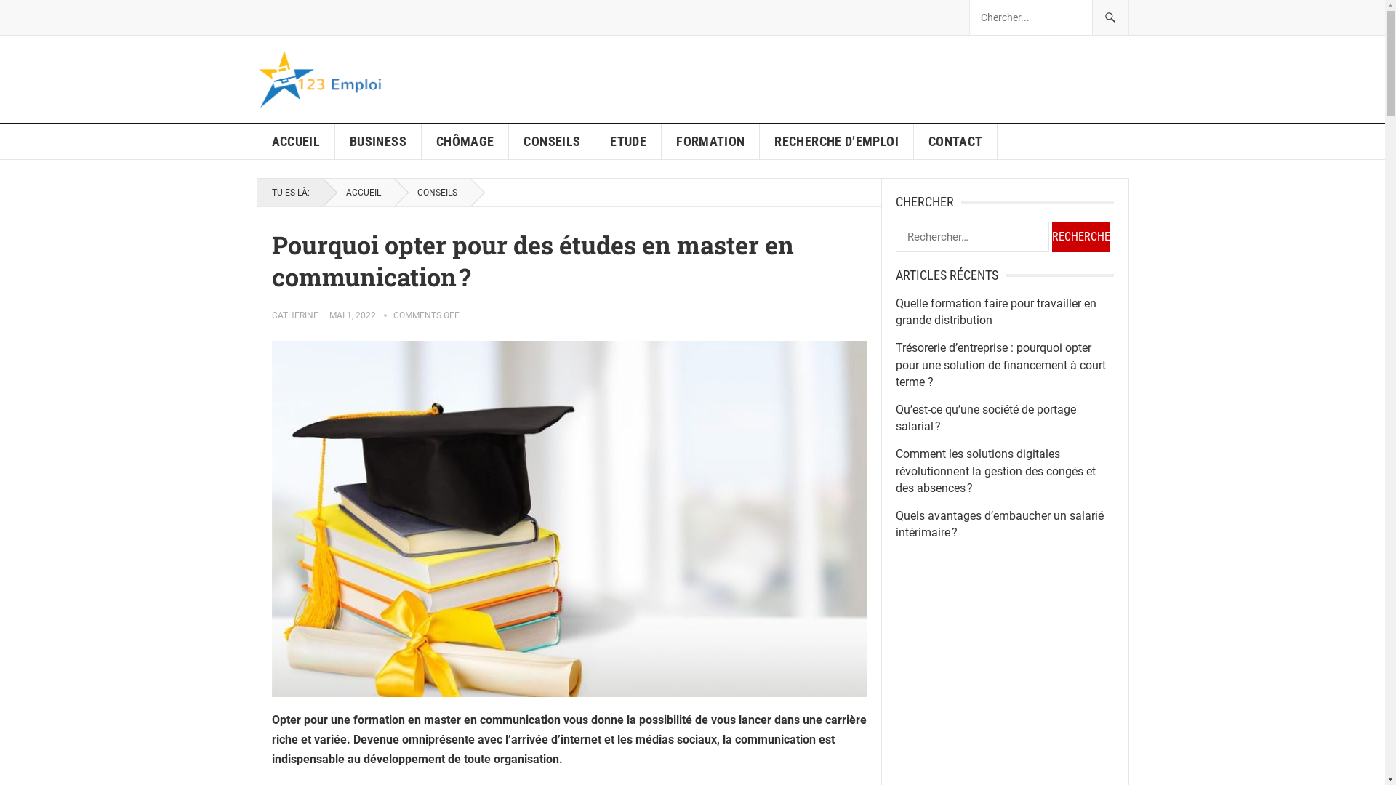  Describe the element at coordinates (710, 142) in the screenshot. I see `'FORMATION'` at that location.